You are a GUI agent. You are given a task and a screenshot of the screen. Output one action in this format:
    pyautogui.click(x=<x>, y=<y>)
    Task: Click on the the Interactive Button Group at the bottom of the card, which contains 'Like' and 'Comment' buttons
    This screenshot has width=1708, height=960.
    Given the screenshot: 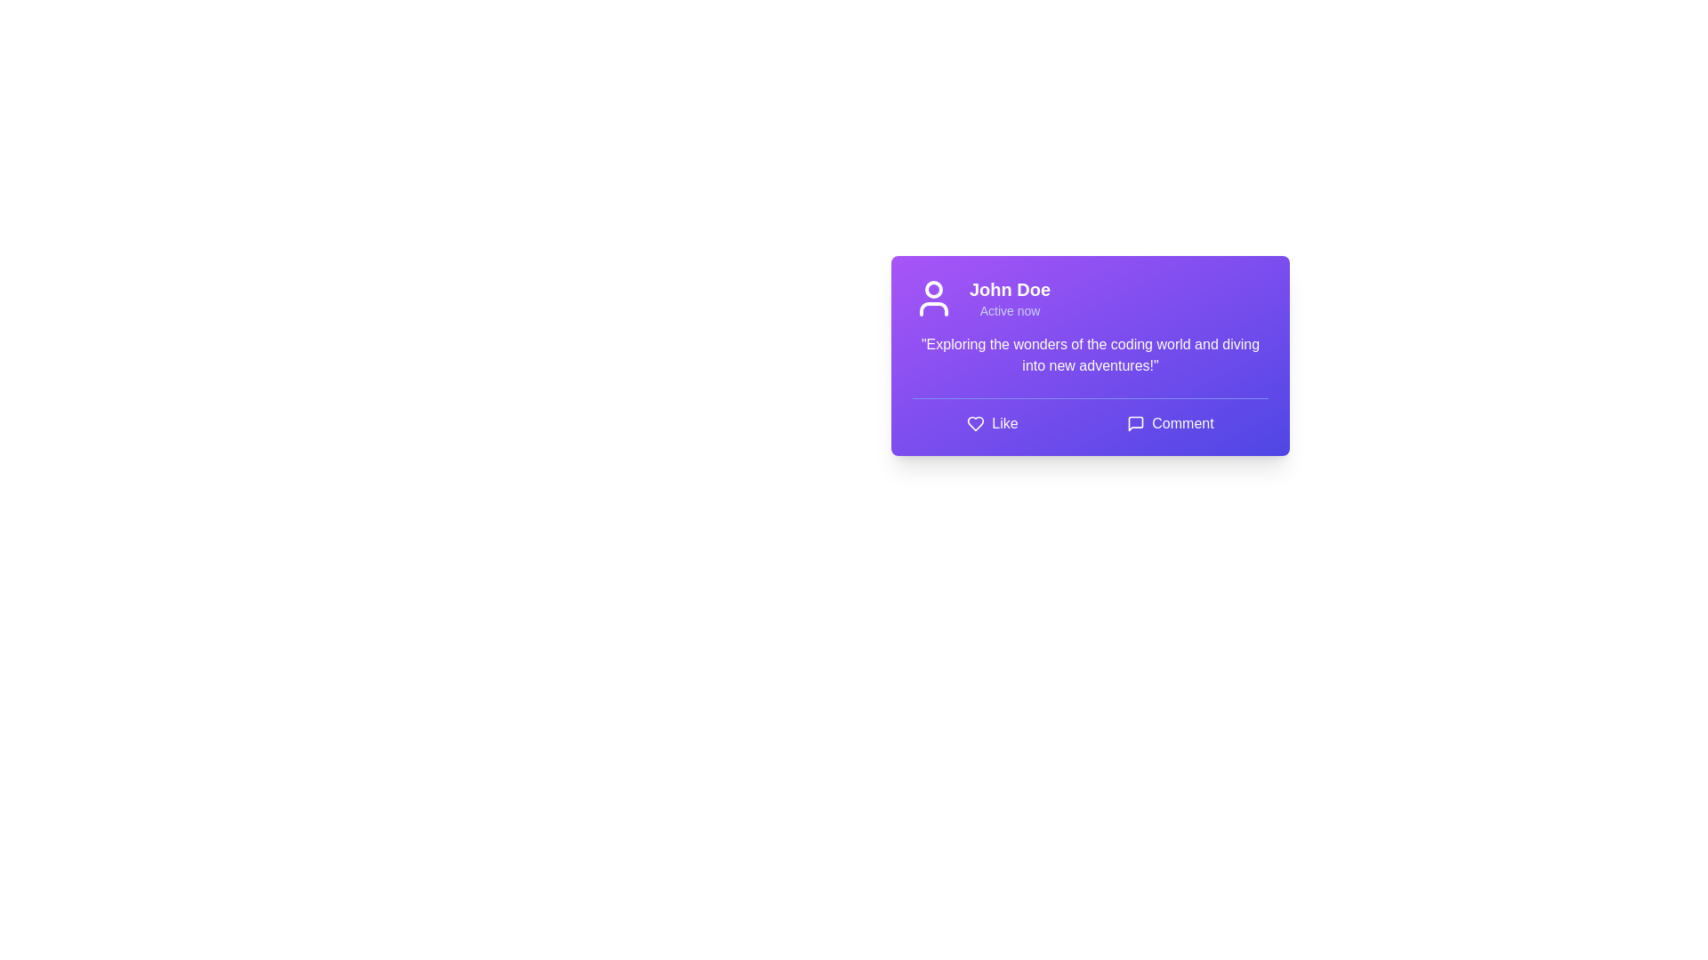 What is the action you would take?
    pyautogui.click(x=1089, y=416)
    